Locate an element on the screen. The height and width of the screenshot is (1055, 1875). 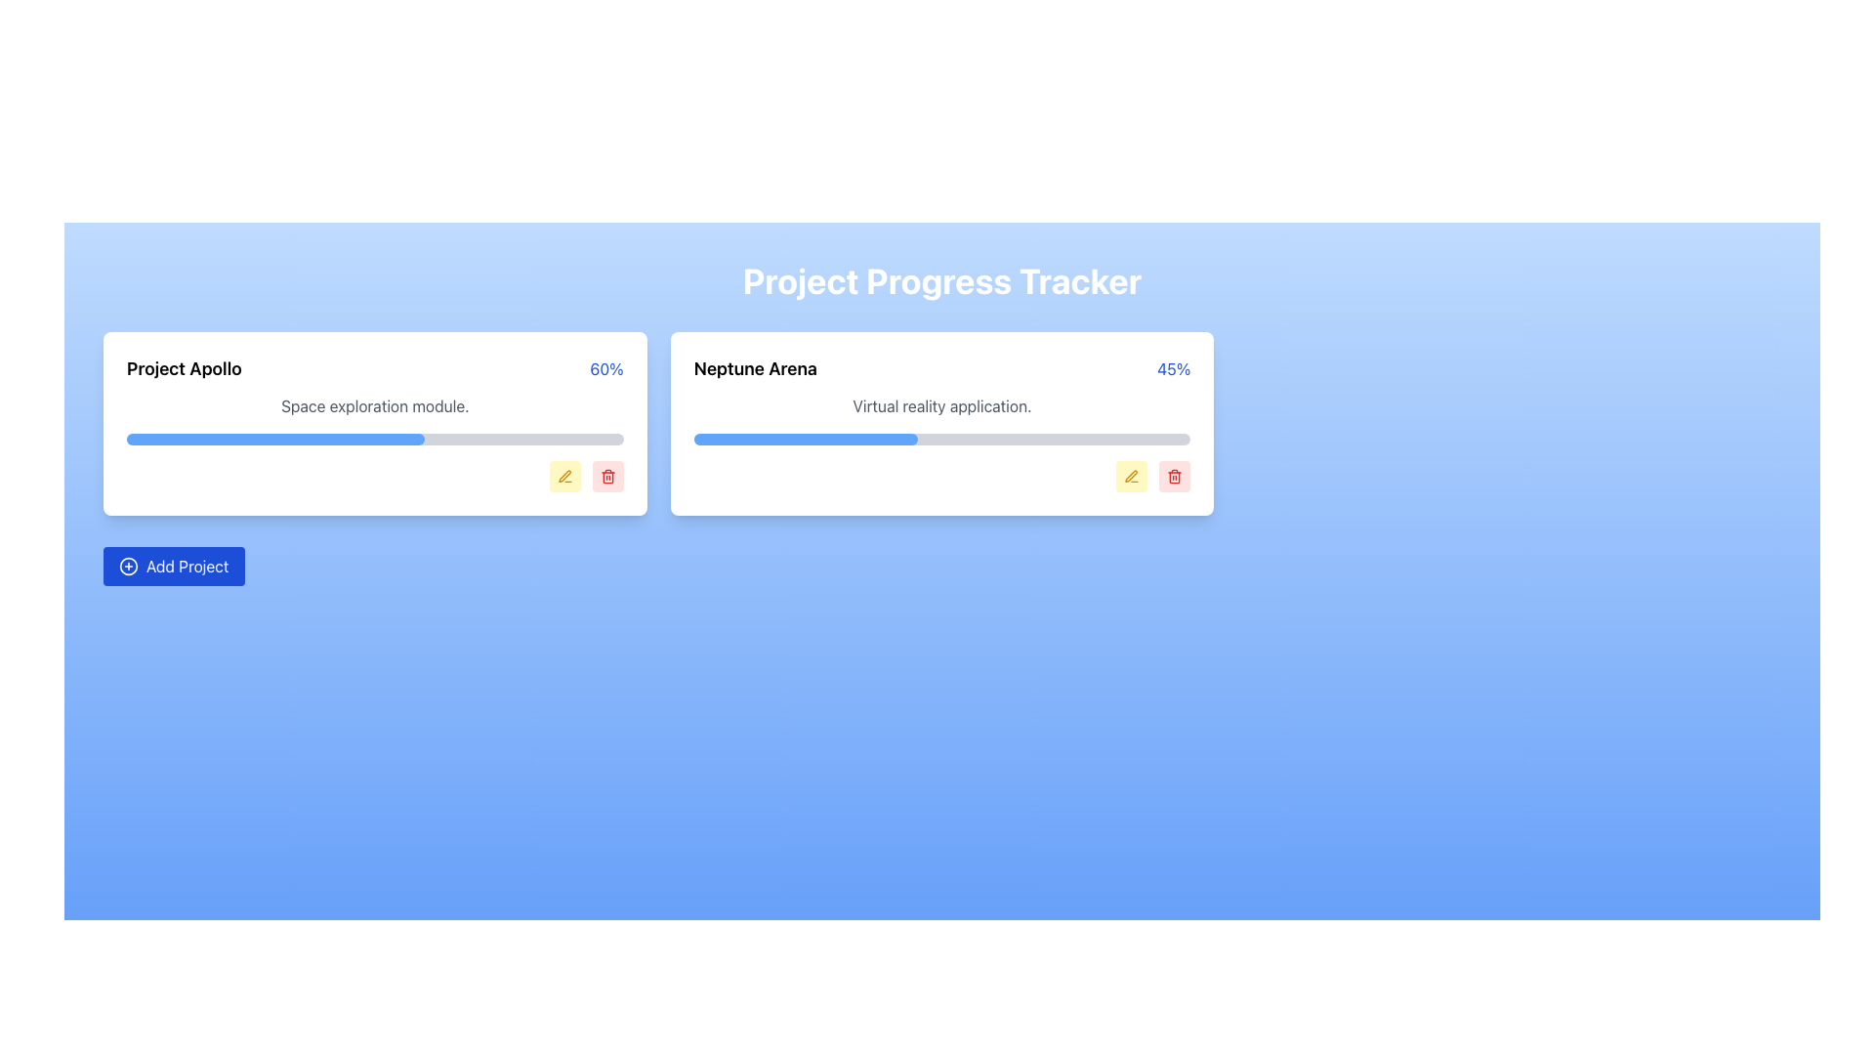
progress bar of the second project summary card in the 'Project Progress Tracker' section, located to the right of the 'Project Apollo' card is located at coordinates (941, 423).